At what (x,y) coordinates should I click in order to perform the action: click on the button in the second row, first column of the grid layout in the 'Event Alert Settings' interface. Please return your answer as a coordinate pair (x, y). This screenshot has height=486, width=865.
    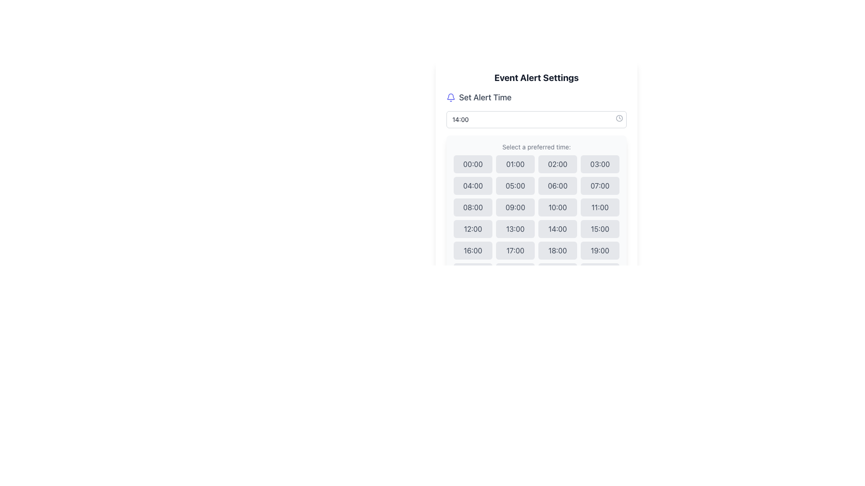
    Looking at the image, I should click on (473, 185).